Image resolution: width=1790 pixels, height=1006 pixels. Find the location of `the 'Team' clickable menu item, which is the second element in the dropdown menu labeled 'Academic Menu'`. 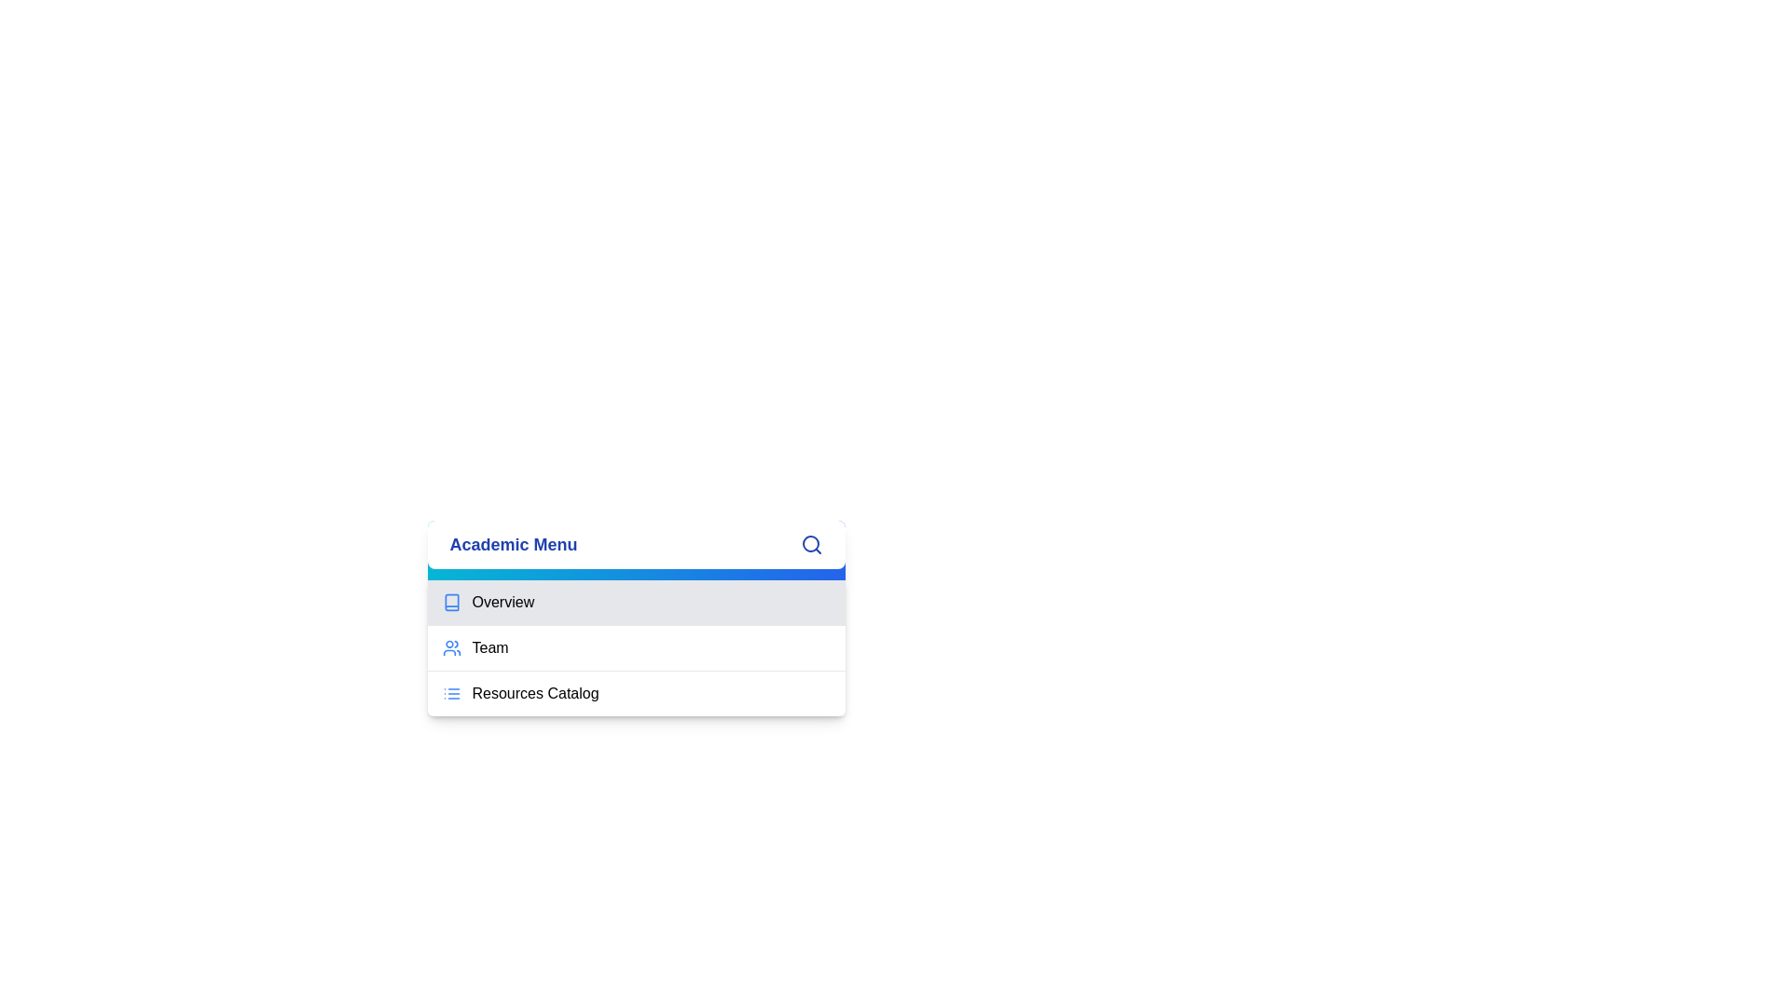

the 'Team' clickable menu item, which is the second element in the dropdown menu labeled 'Academic Menu' is located at coordinates (636, 637).